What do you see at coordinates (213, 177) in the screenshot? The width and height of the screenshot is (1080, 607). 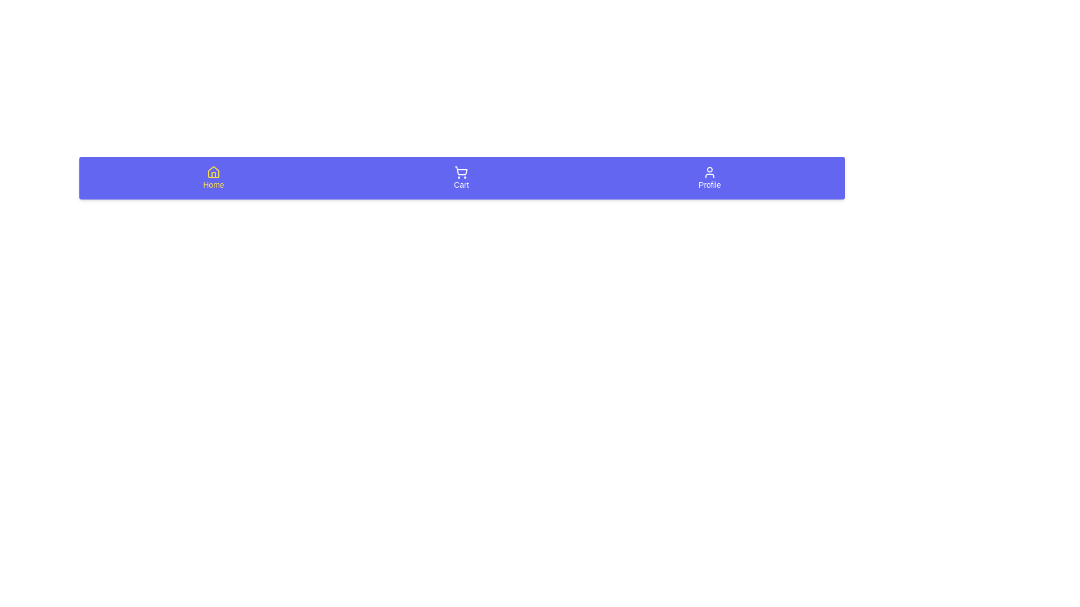 I see `the Home tab` at bounding box center [213, 177].